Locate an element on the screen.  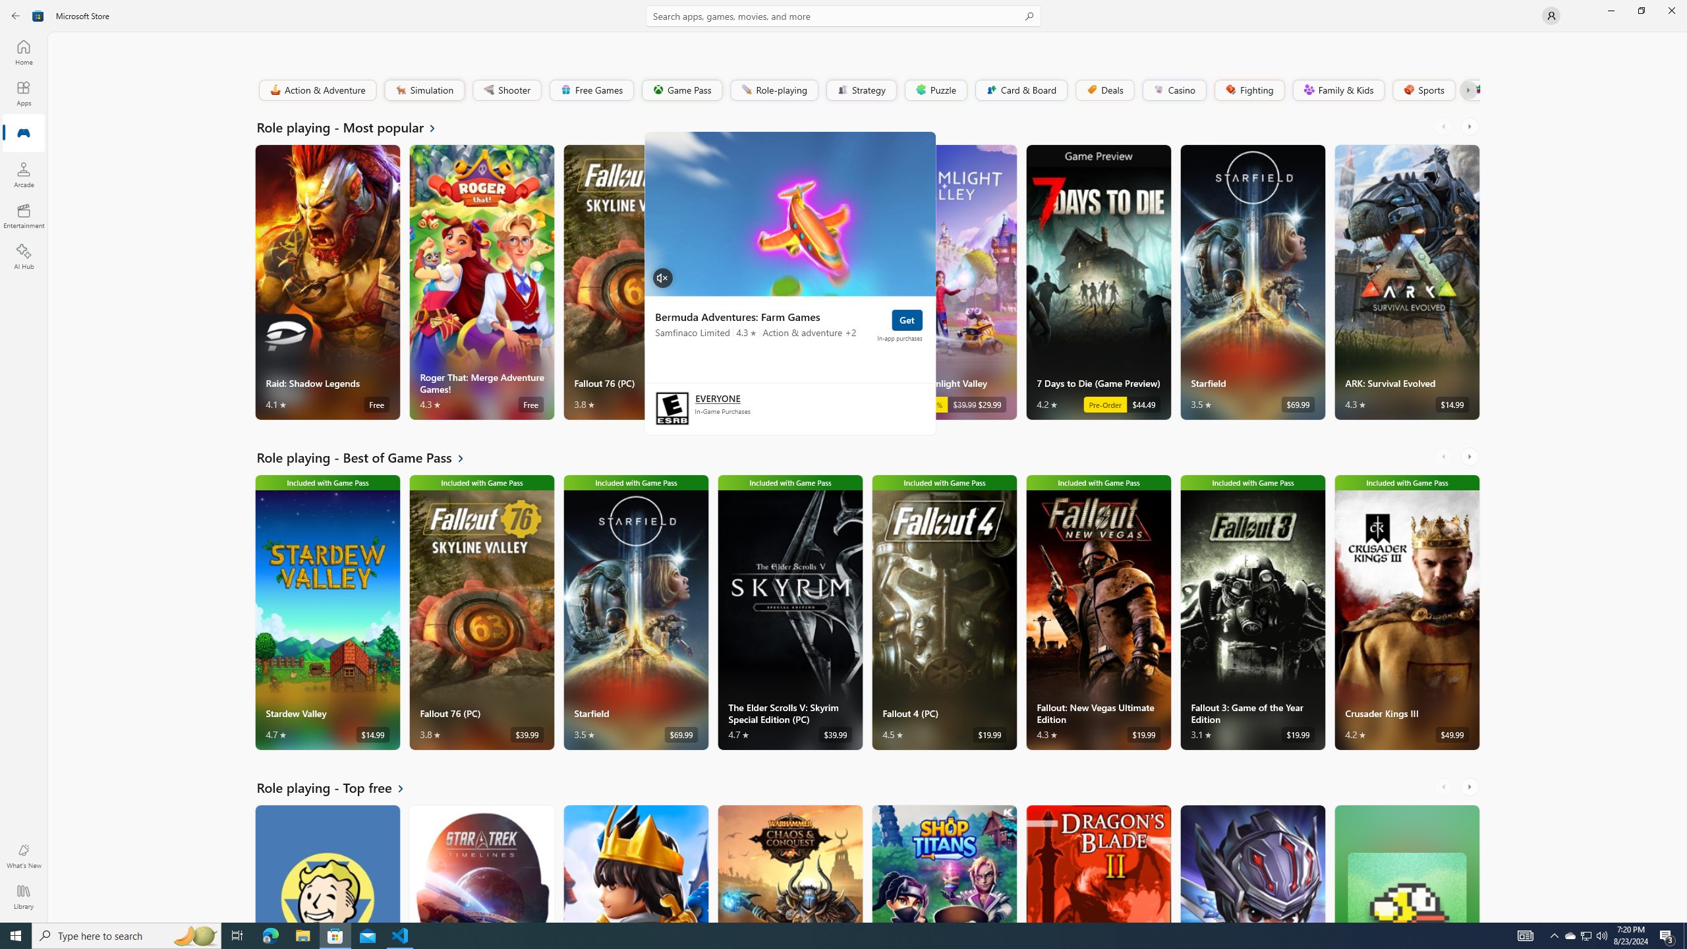
'Simulation' is located at coordinates (424, 89).